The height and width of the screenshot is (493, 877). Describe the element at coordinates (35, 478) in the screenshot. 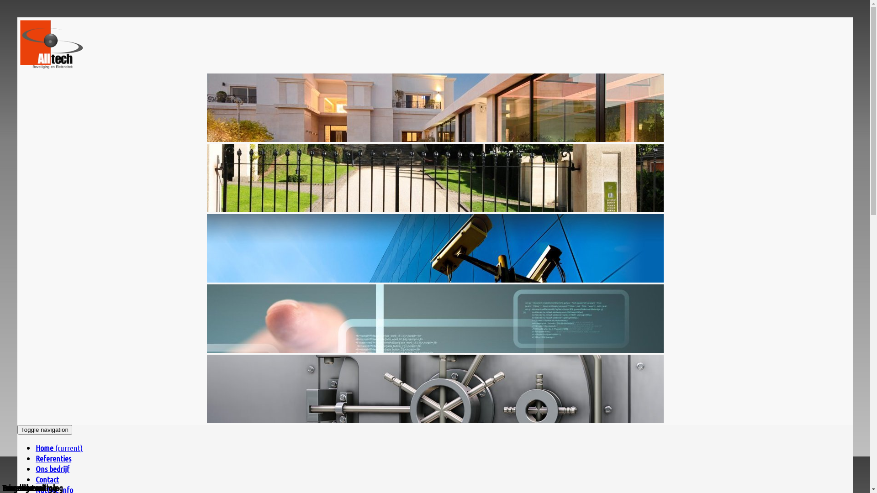

I see `'Contact'` at that location.